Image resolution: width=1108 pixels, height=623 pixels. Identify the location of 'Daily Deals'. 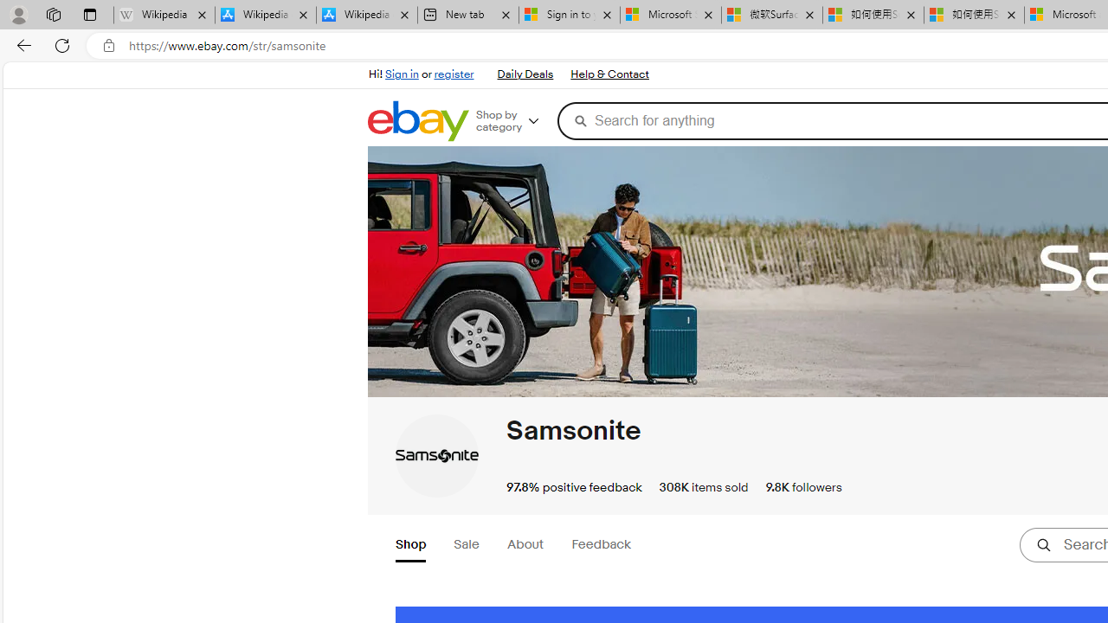
(524, 74).